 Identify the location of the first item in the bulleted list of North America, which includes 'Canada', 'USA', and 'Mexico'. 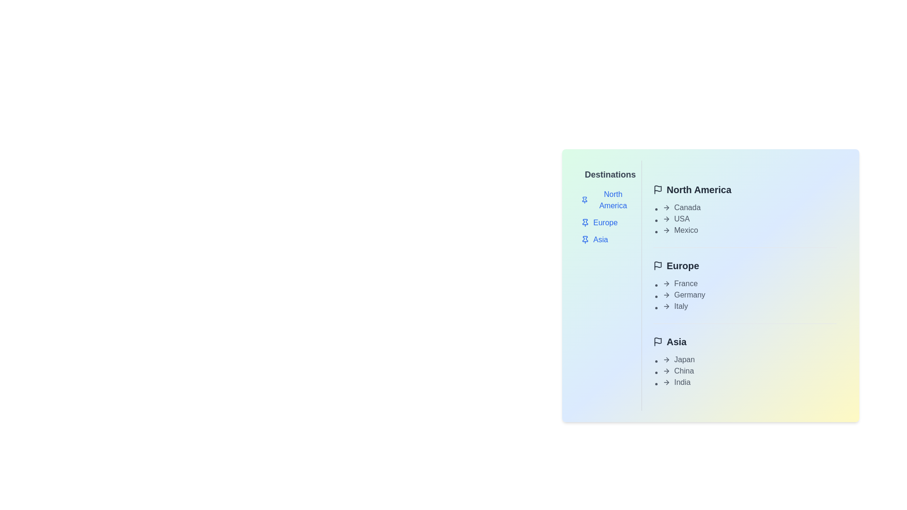
(744, 219).